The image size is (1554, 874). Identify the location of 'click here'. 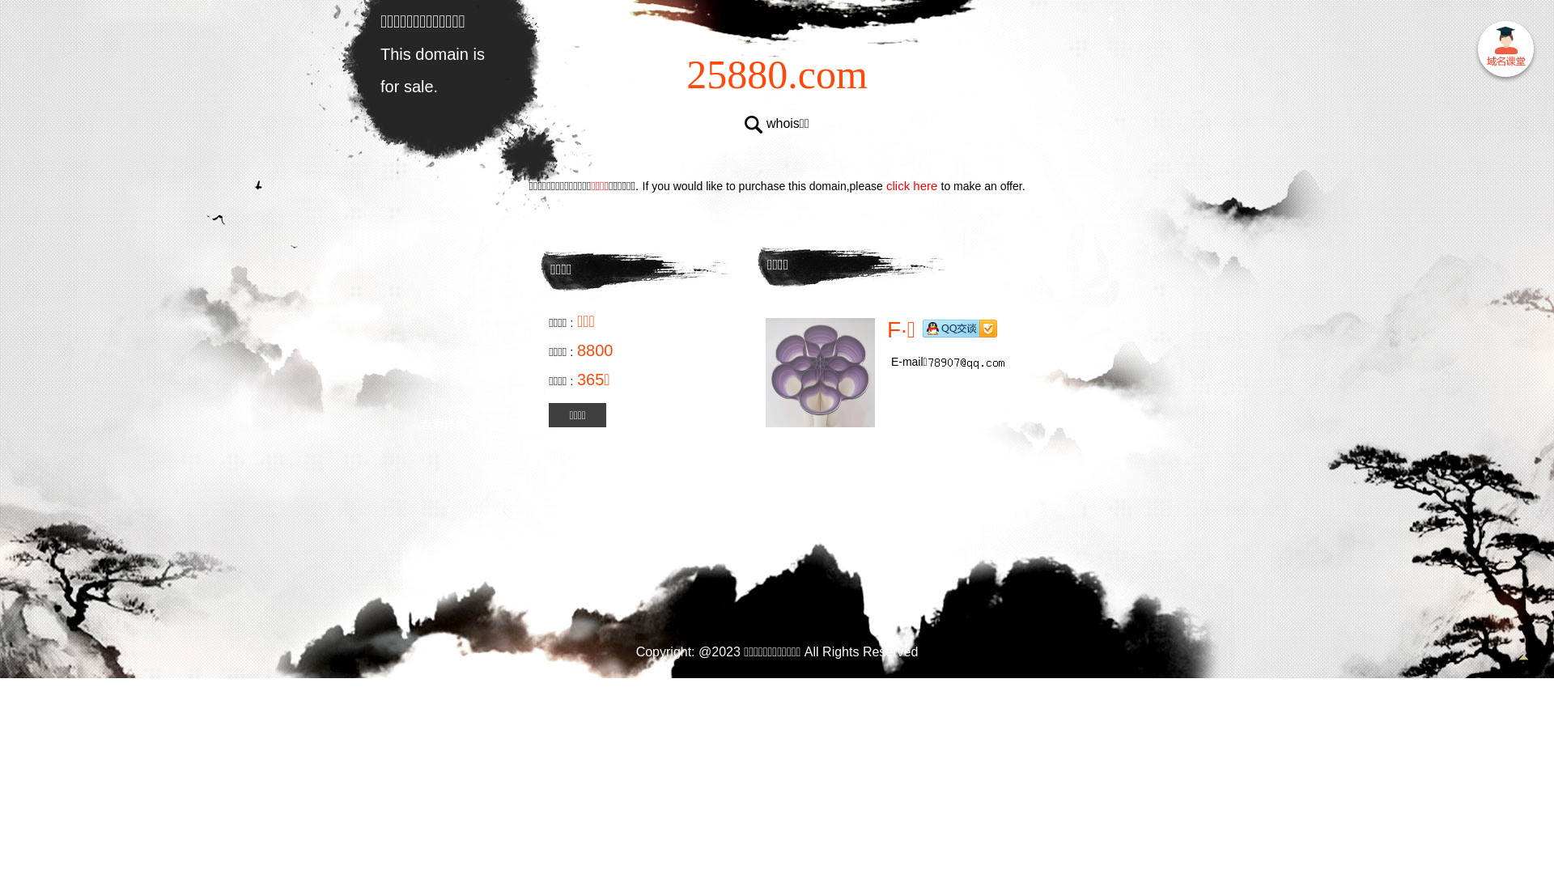
(912, 185).